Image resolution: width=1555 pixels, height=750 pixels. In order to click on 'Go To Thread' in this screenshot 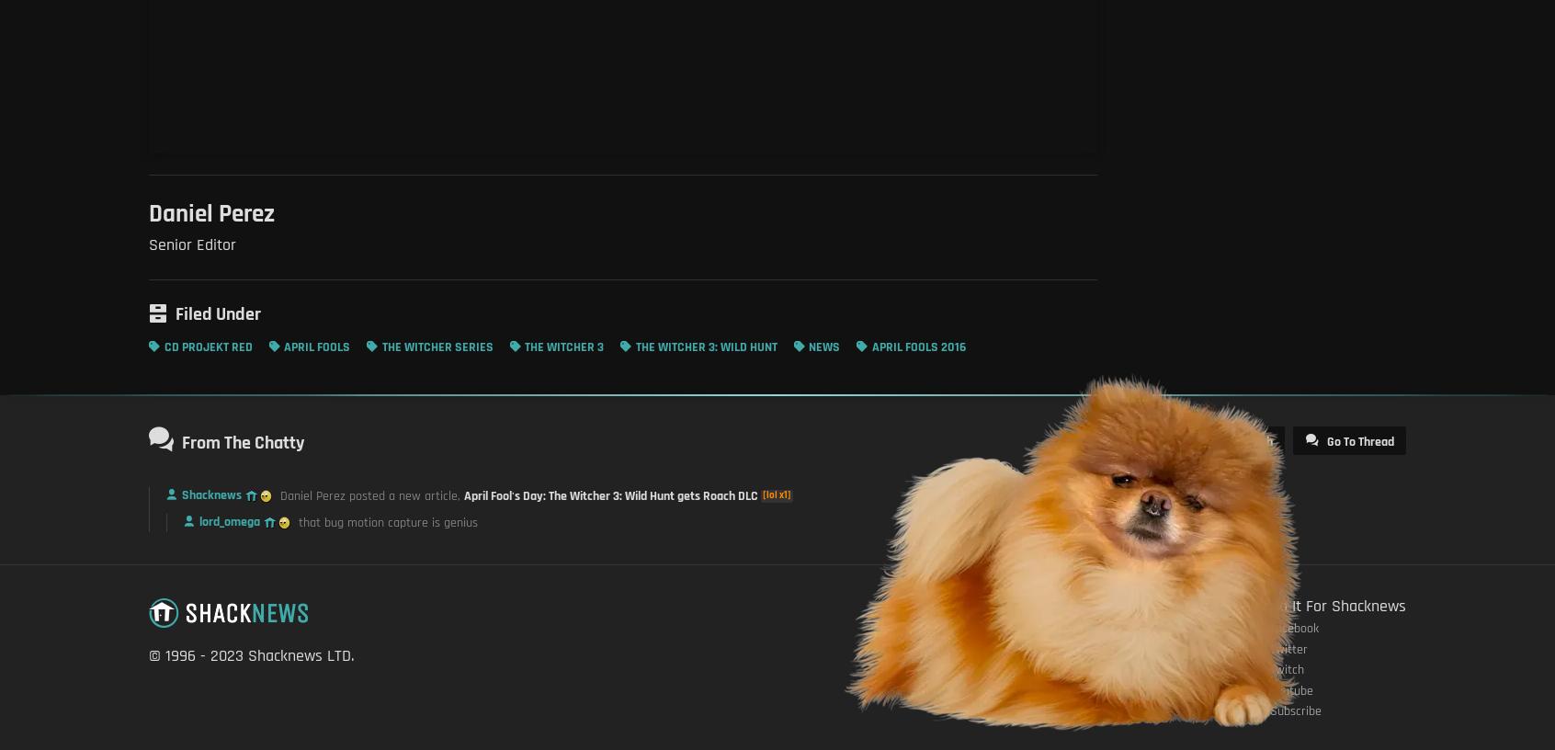, I will do `click(1358, 441)`.